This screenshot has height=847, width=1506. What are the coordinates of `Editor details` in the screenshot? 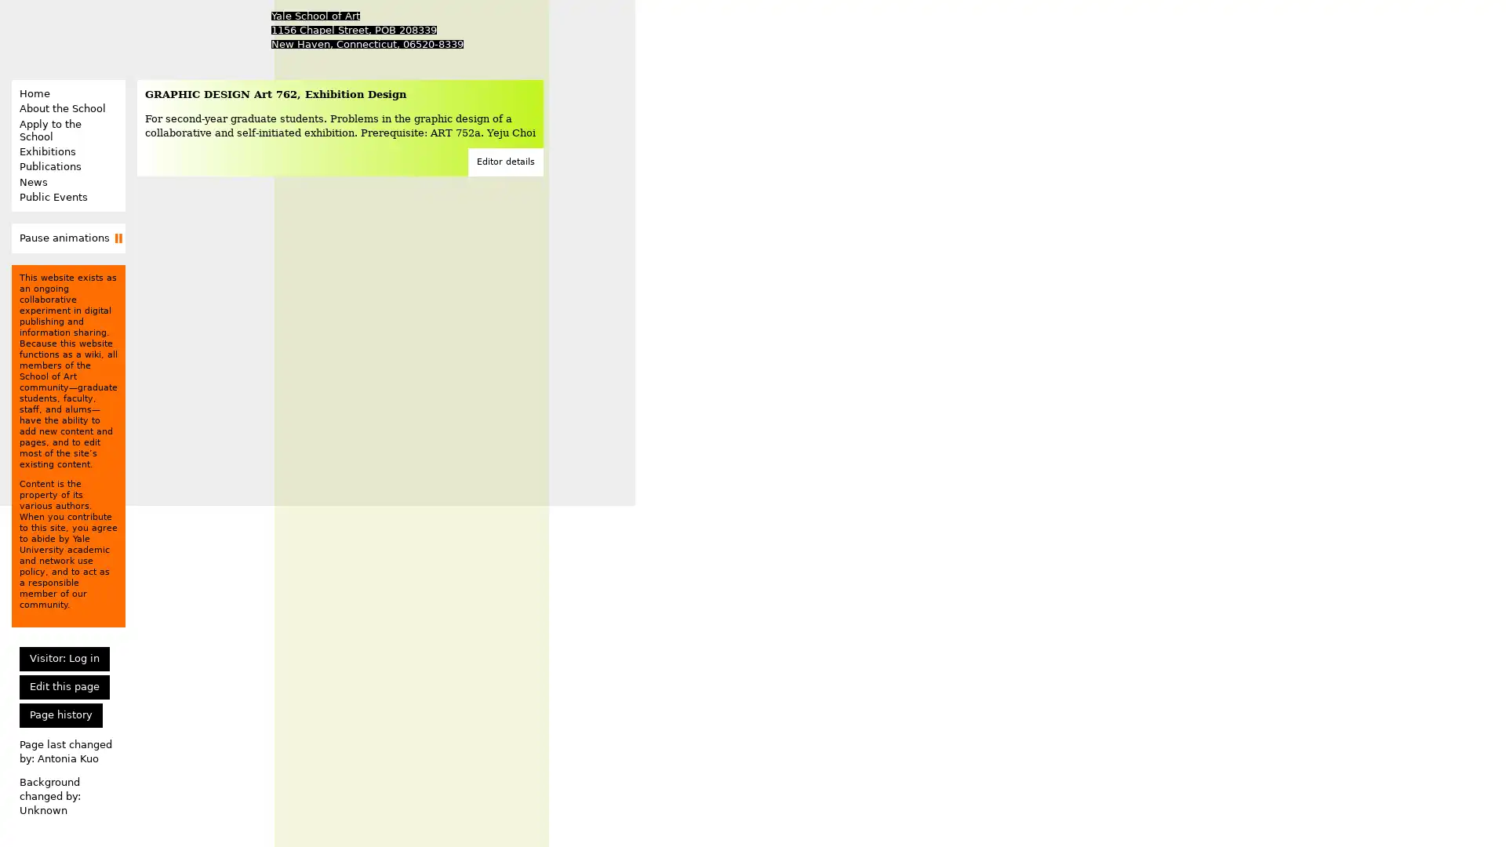 It's located at (505, 161).